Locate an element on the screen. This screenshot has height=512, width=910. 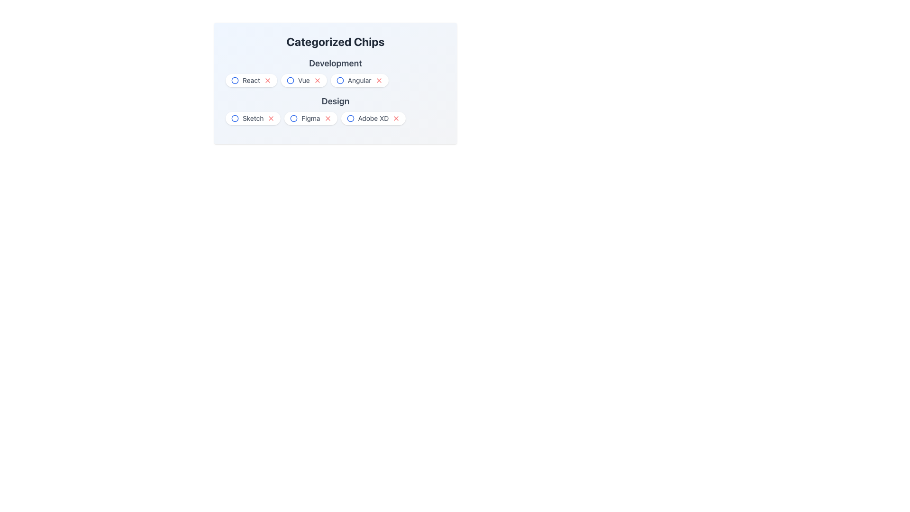
the close button located at the far right of the 'Adobe XD' pill-shaped design is located at coordinates (396, 118).